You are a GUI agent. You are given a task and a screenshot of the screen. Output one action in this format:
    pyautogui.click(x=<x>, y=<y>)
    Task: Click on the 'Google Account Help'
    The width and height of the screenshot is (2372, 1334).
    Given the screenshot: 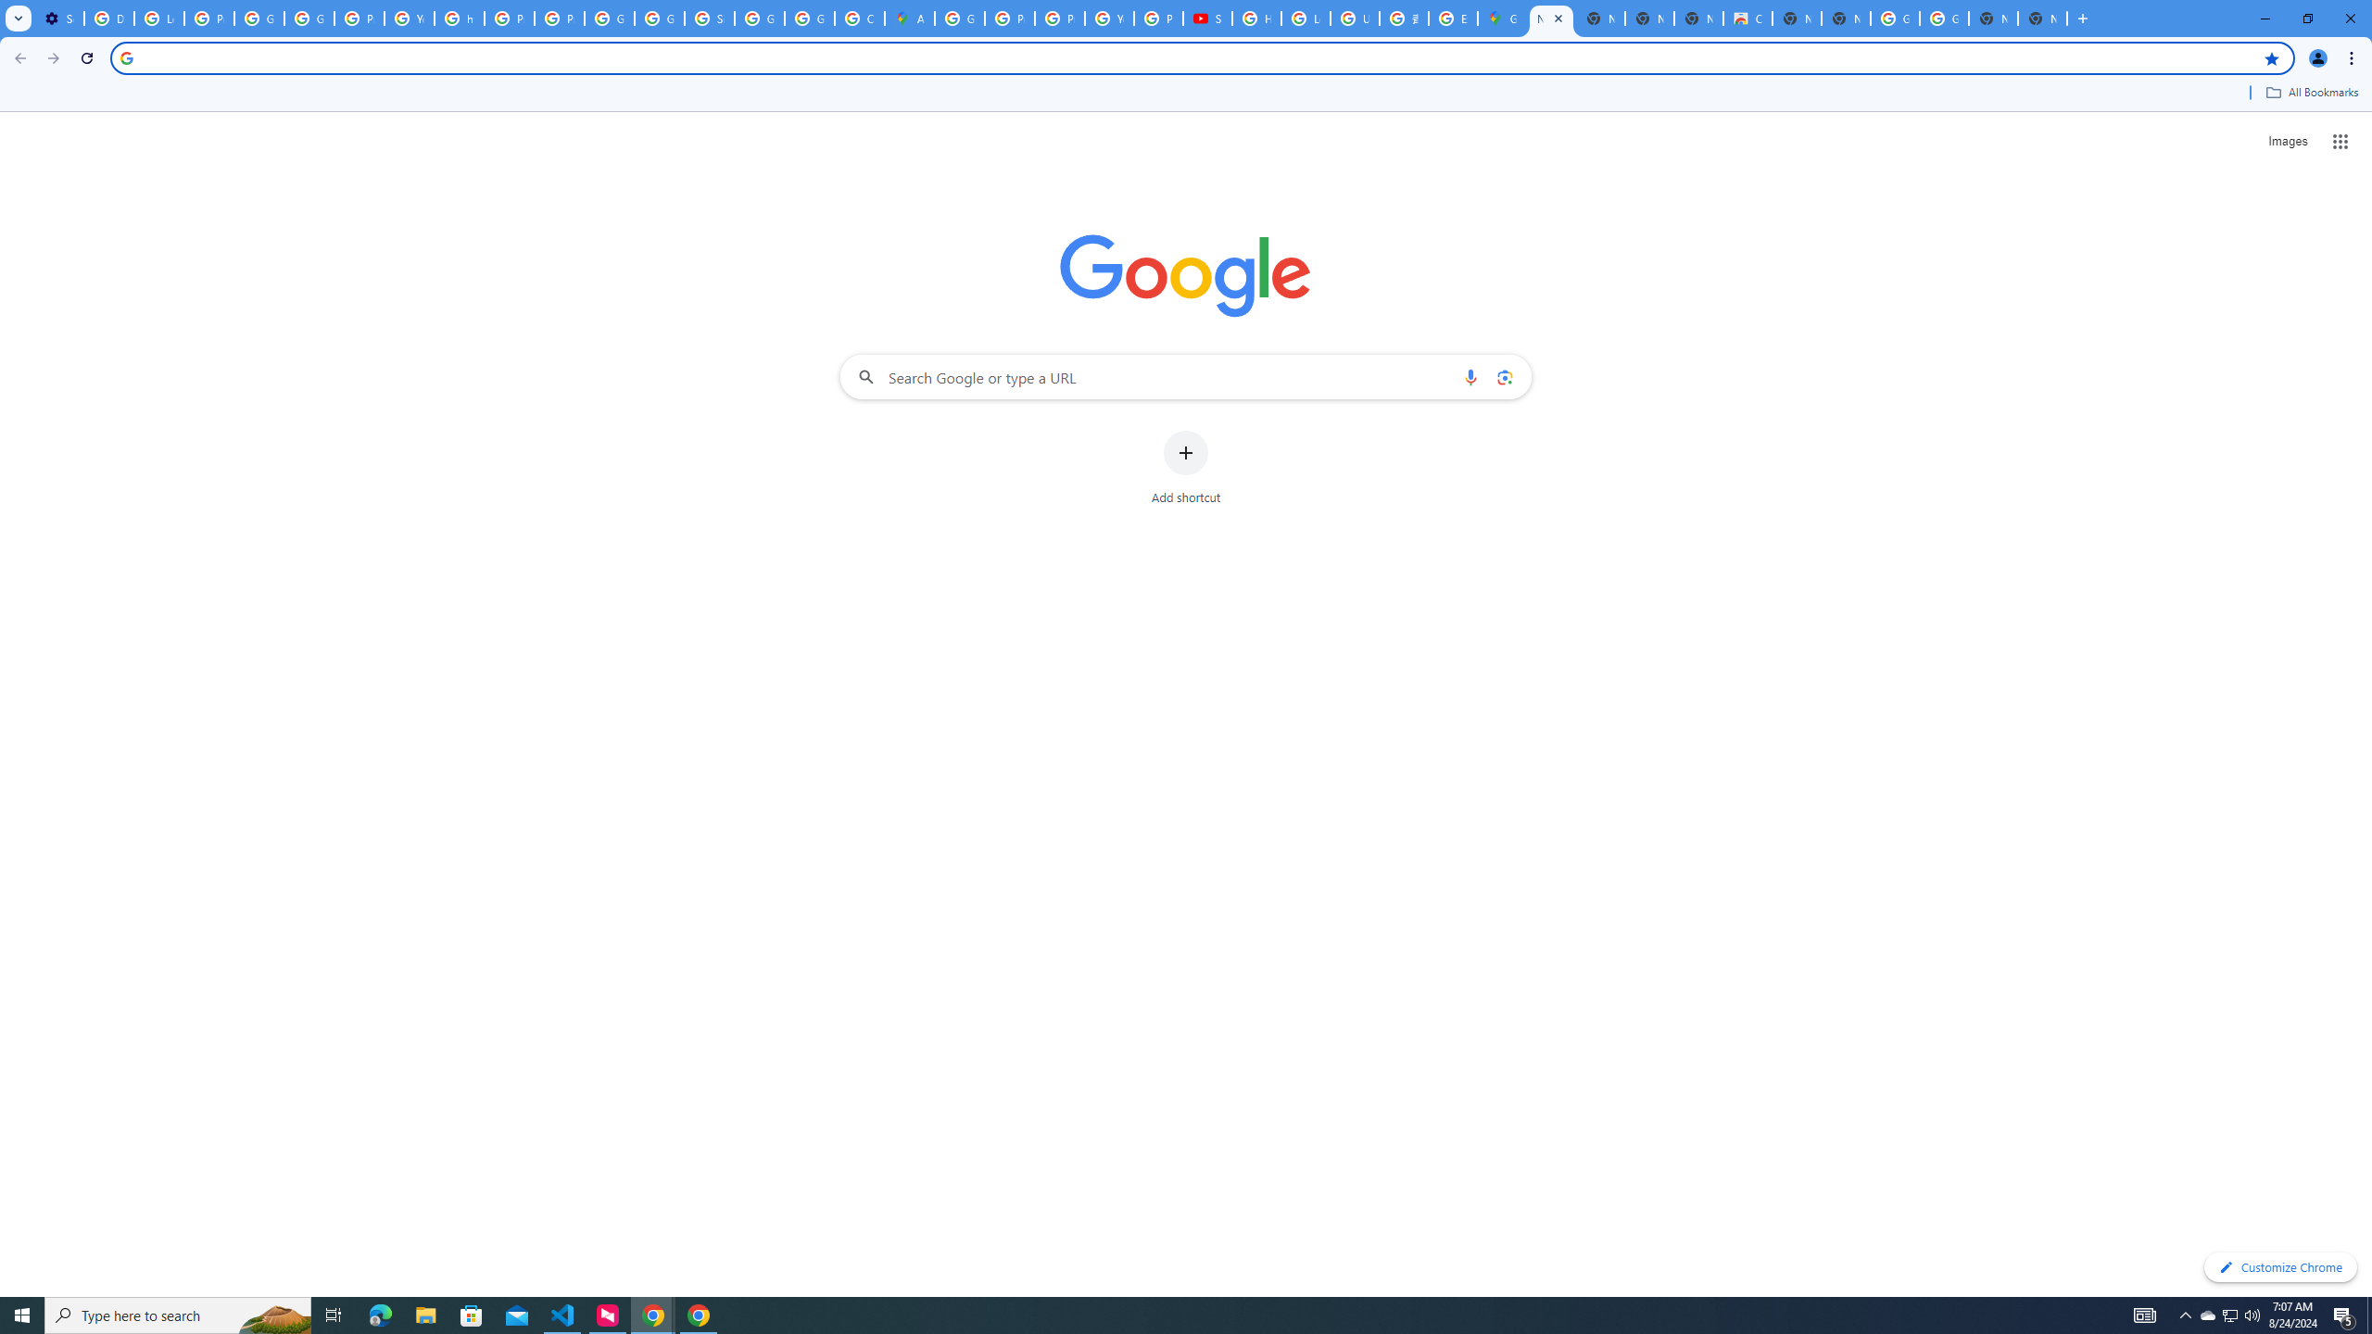 What is the action you would take?
    pyautogui.click(x=309, y=18)
    